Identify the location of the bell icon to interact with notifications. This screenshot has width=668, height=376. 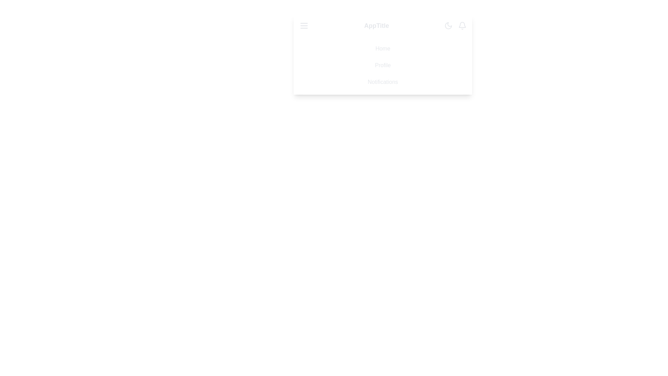
(462, 25).